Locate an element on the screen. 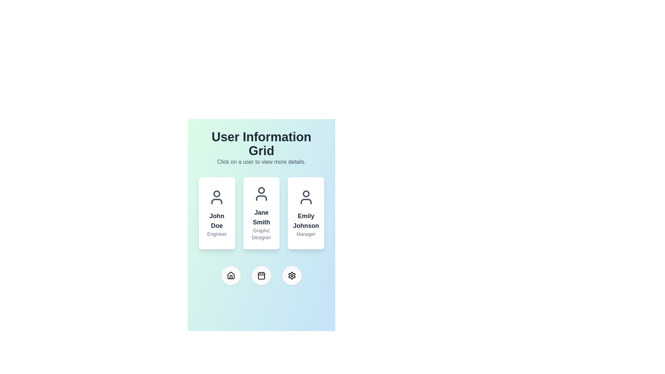  the textual header element that displays 'User Information Grid' and instructions for user interaction is located at coordinates (261, 148).